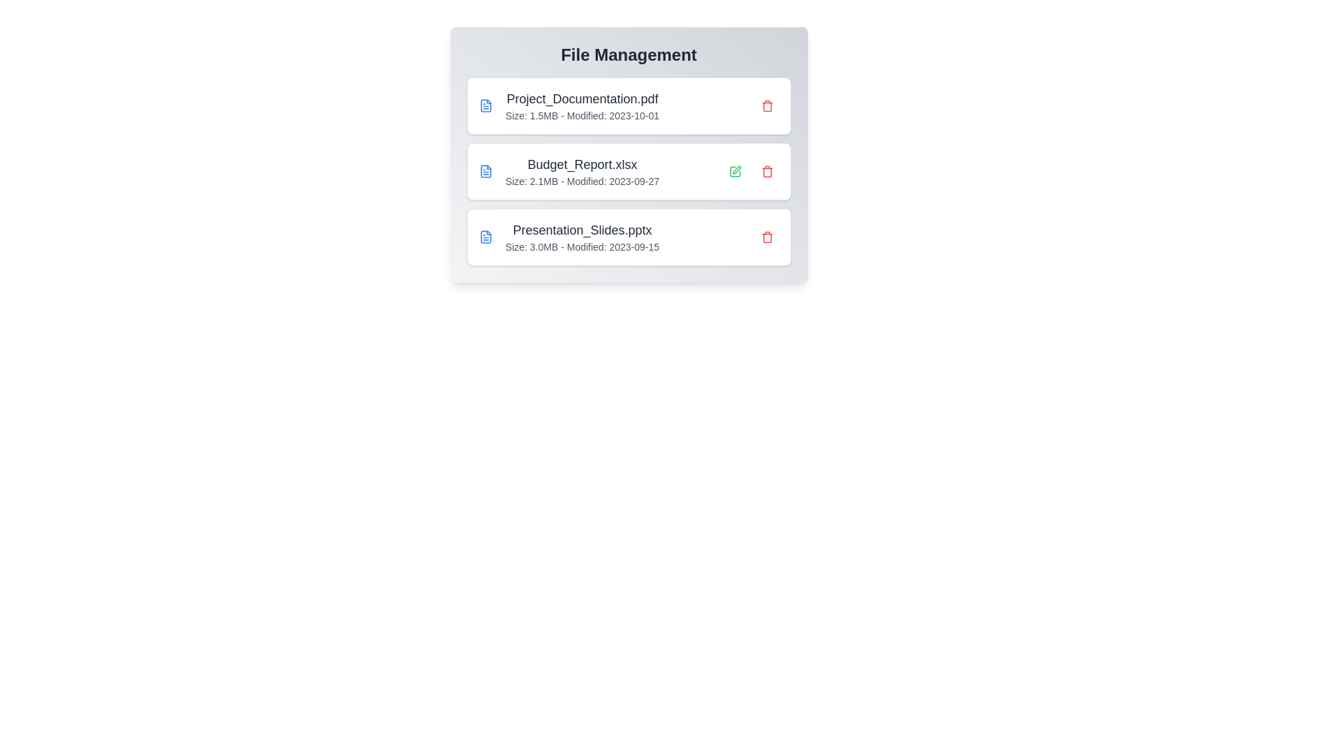 The width and height of the screenshot is (1341, 754). What do you see at coordinates (766, 171) in the screenshot?
I see `the file Budget_Report.xlsx by clicking the delete button next to it` at bounding box center [766, 171].